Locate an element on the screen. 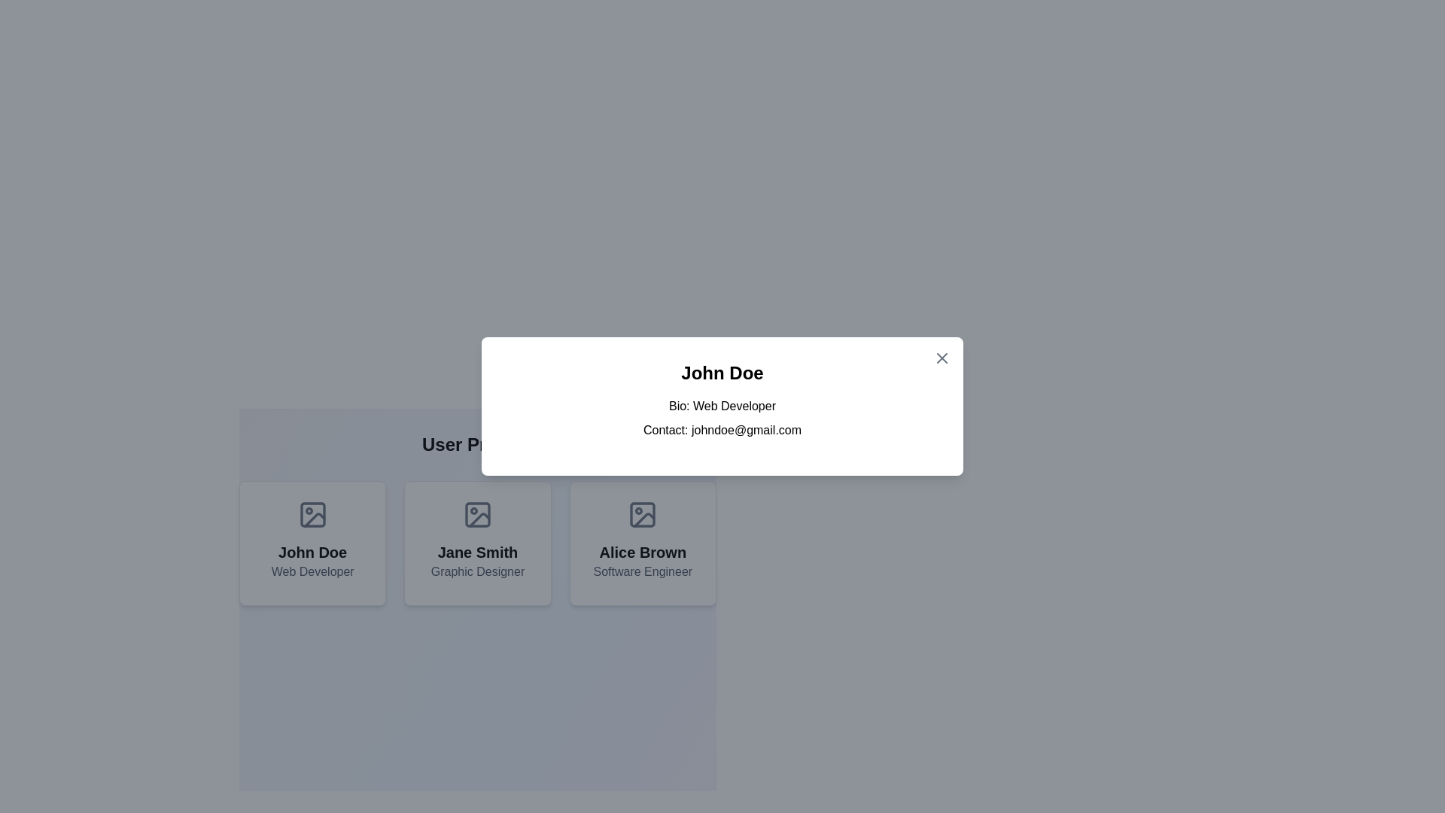  the graphical icon located at the top section of the card for 'Alice Brown', which serves as a placeholder for her profile picture is located at coordinates (643, 513).